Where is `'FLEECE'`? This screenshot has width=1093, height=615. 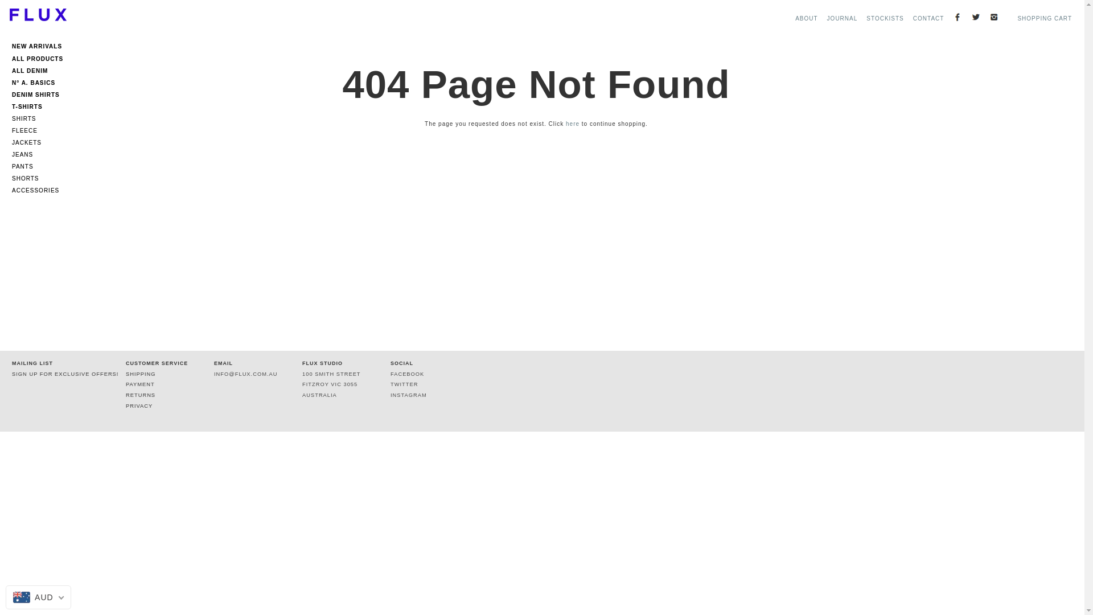
'FLEECE' is located at coordinates (11, 130).